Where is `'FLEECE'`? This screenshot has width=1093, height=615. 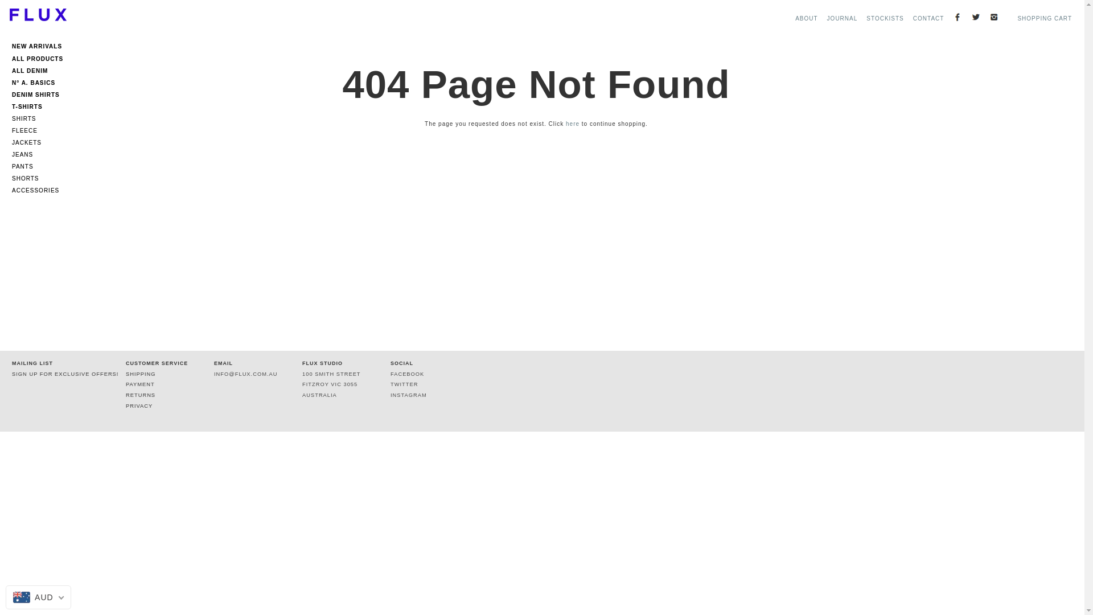
'FLEECE' is located at coordinates (11, 130).